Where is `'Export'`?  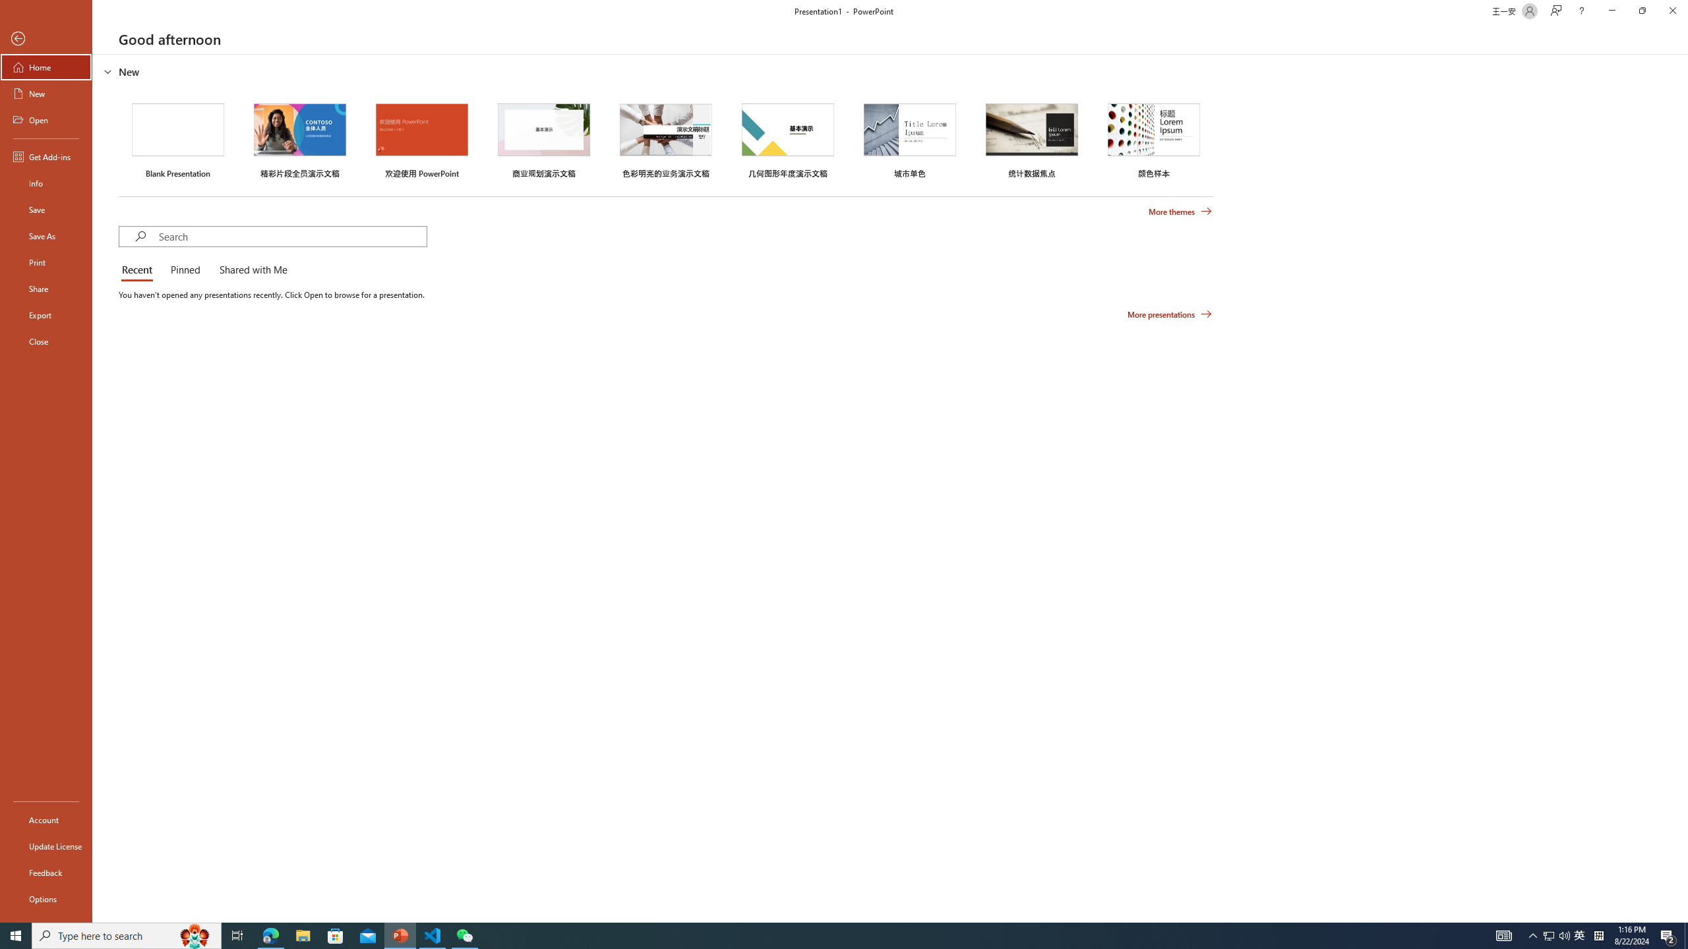 'Export' is located at coordinates (45, 315).